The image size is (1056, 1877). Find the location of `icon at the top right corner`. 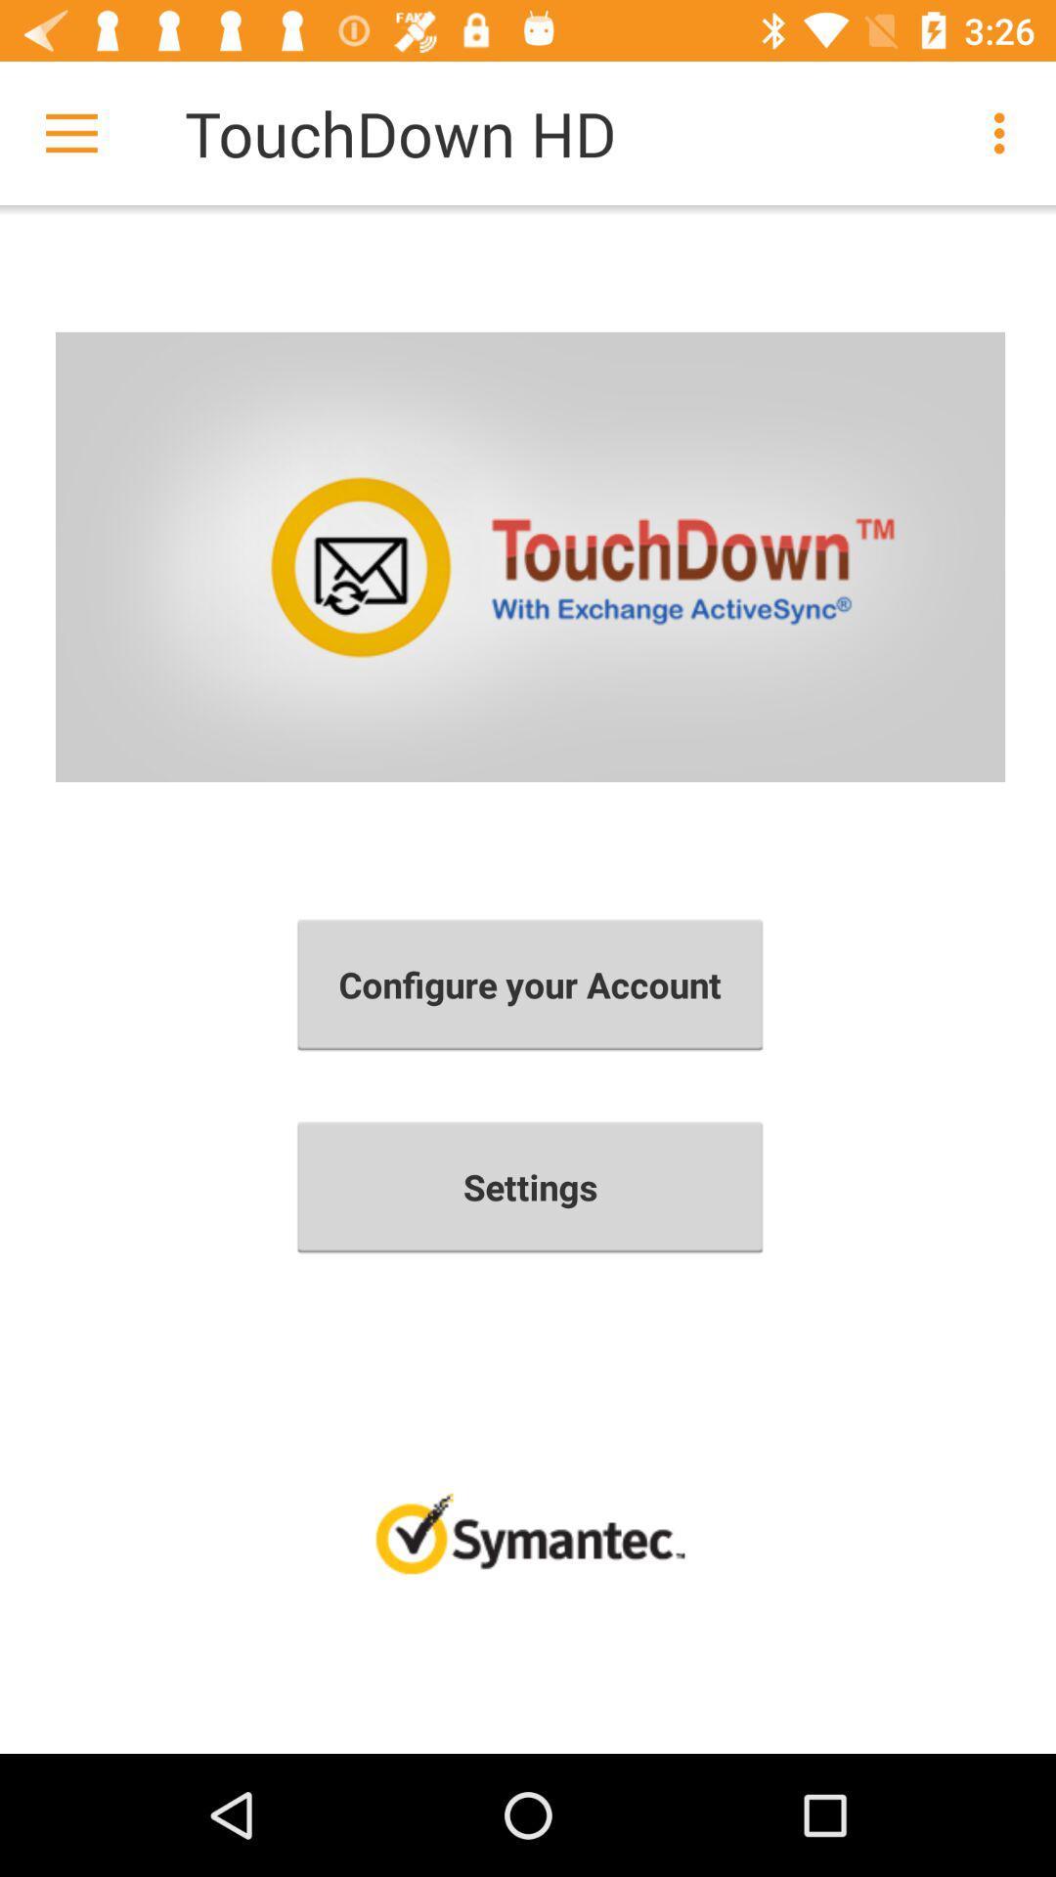

icon at the top right corner is located at coordinates (1004, 132).